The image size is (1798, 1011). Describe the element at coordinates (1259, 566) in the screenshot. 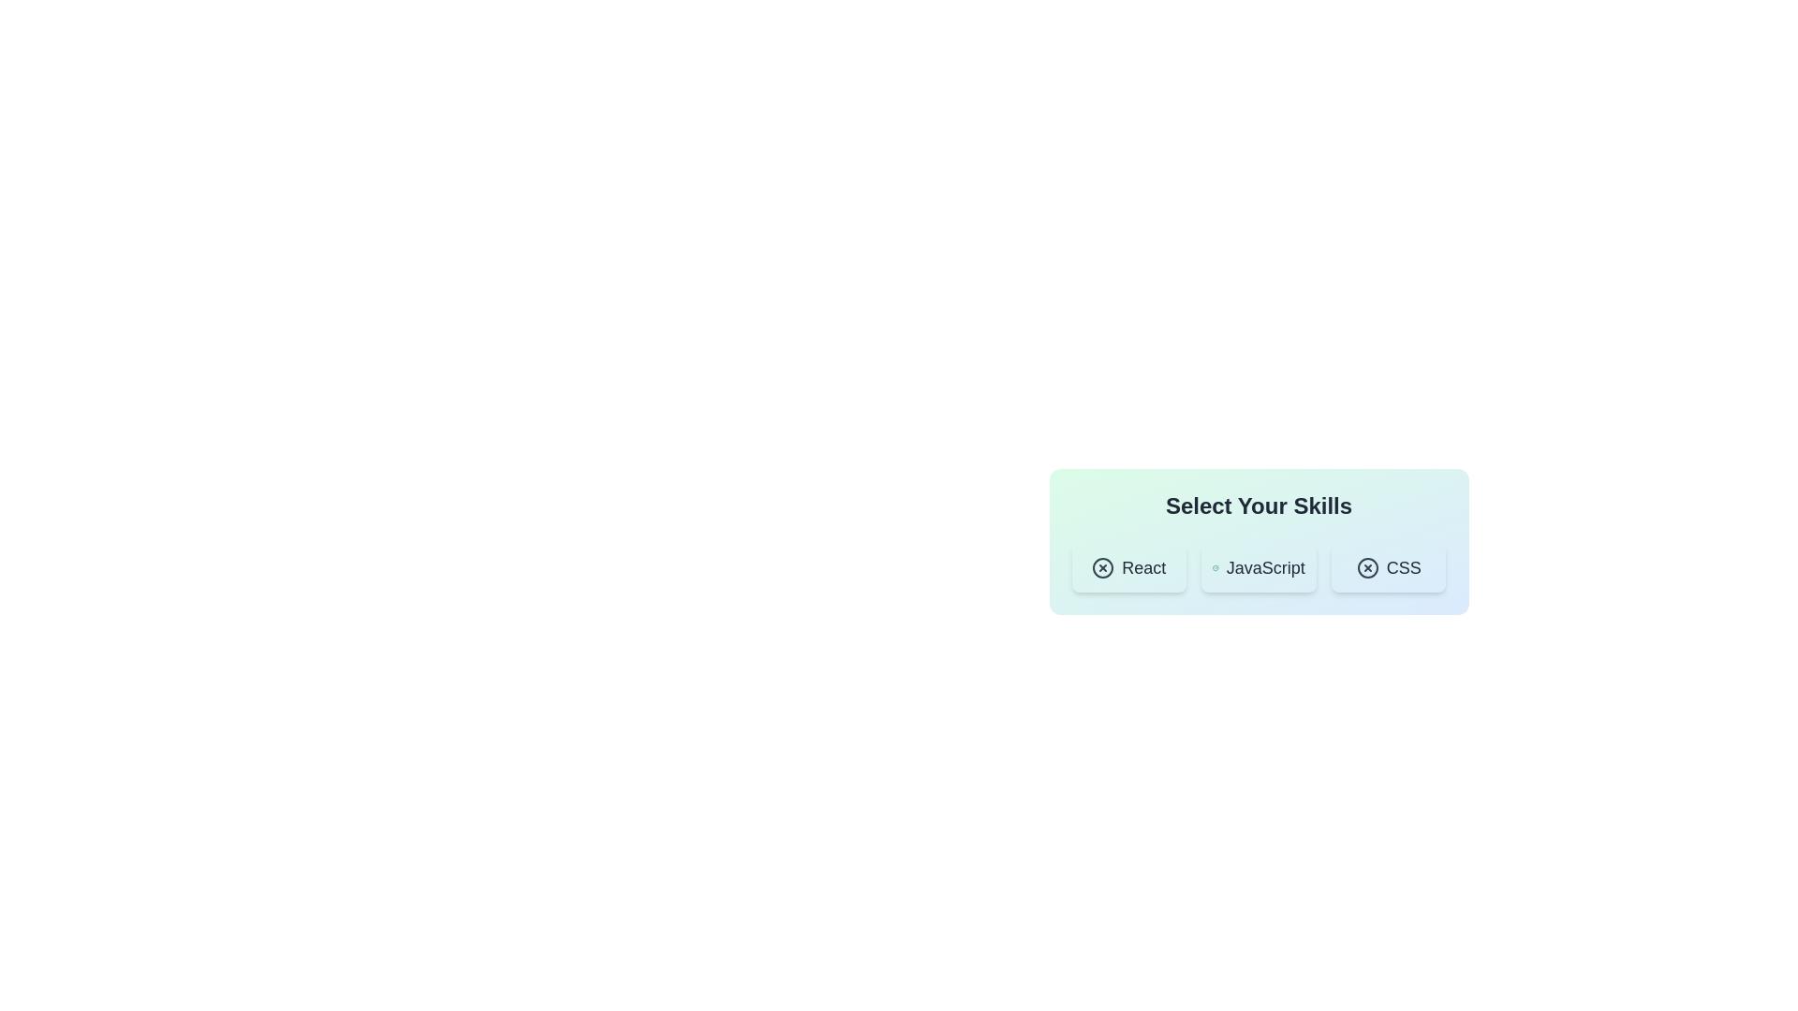

I see `the chip labeled JavaScript to view its hover effect` at that location.